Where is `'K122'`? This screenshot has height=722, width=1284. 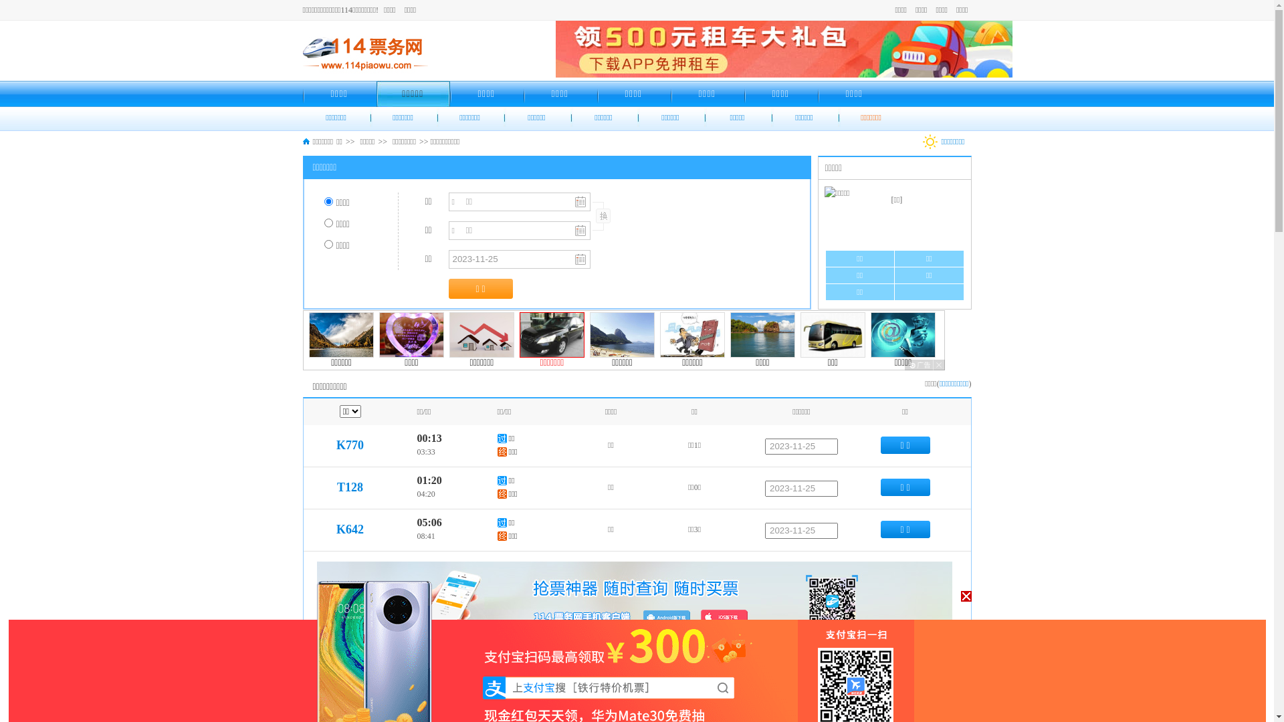
'K122' is located at coordinates (350, 669).